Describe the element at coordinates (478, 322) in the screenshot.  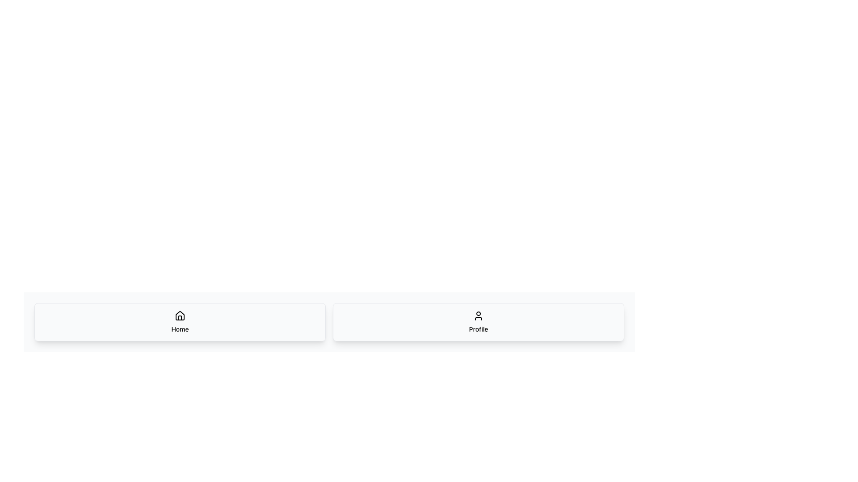
I see `the 'Profile' label with user icon located on the right side of the horizontal menu bar` at that location.